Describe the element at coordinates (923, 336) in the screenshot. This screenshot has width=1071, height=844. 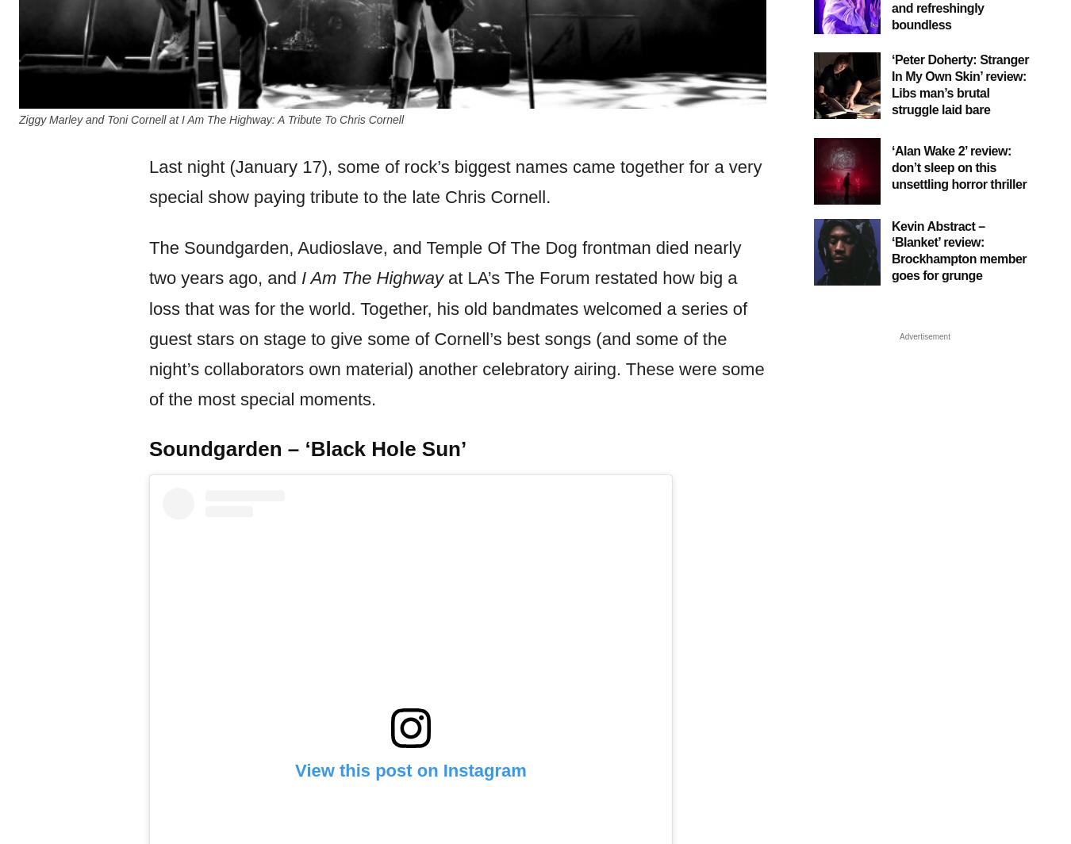
I see `'Advertisement'` at that location.